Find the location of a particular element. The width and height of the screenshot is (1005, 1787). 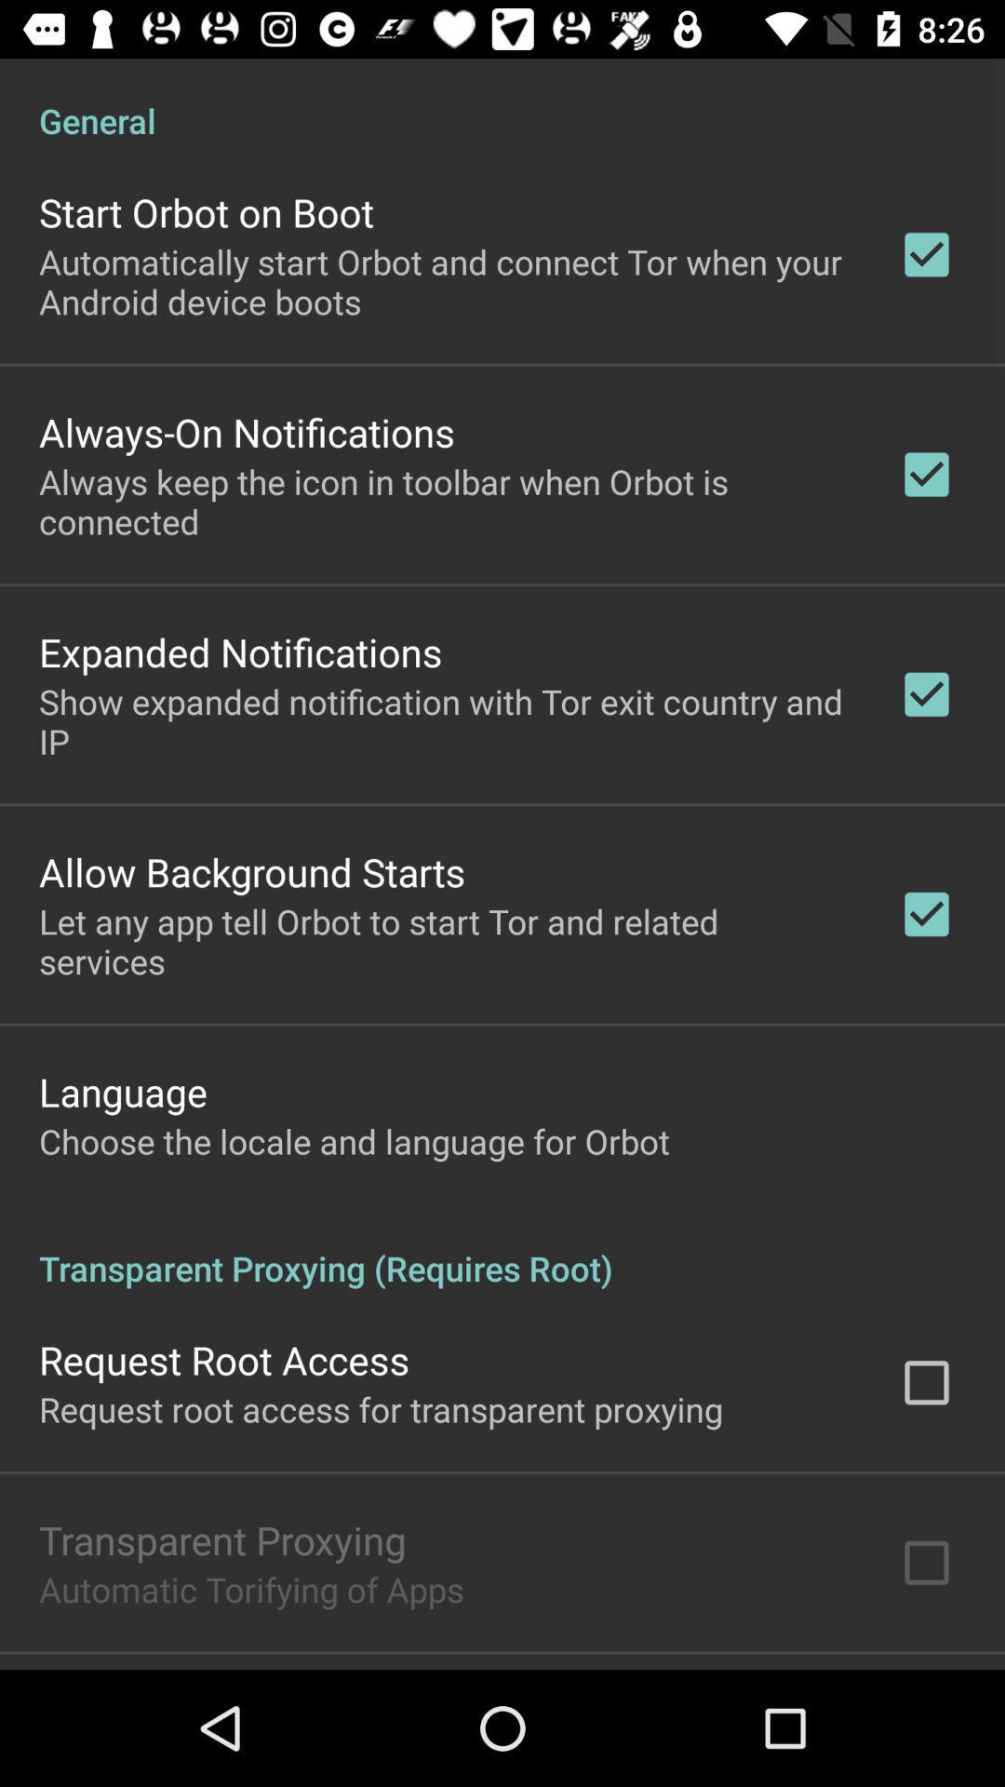

the item below automatically start orbot icon is located at coordinates (246, 431).